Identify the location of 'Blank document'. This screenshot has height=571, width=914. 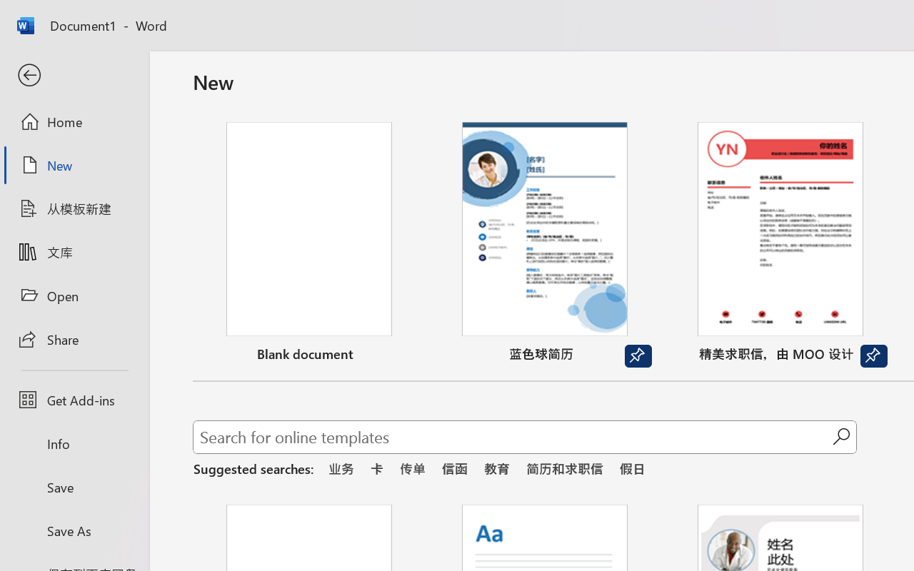
(308, 245).